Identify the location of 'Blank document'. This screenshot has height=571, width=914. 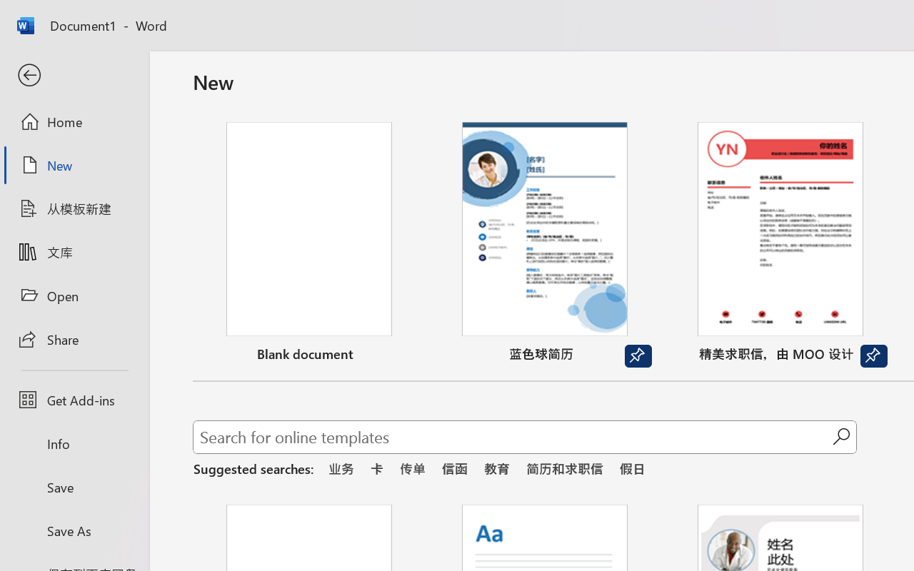
(308, 245).